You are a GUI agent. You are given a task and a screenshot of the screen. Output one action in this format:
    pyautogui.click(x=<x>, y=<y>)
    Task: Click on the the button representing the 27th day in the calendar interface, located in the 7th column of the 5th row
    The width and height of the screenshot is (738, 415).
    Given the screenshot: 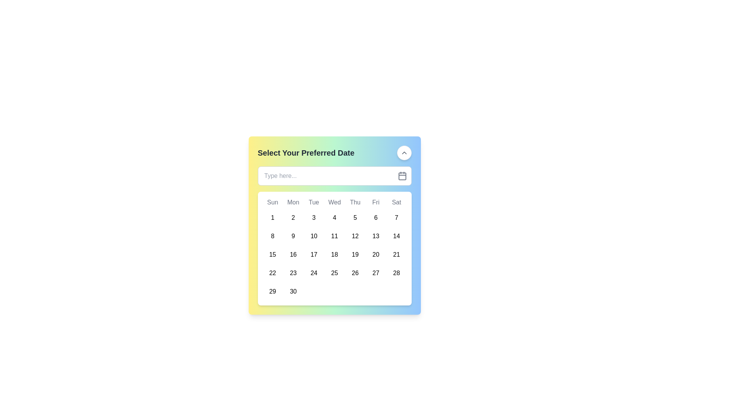 What is the action you would take?
    pyautogui.click(x=376, y=272)
    